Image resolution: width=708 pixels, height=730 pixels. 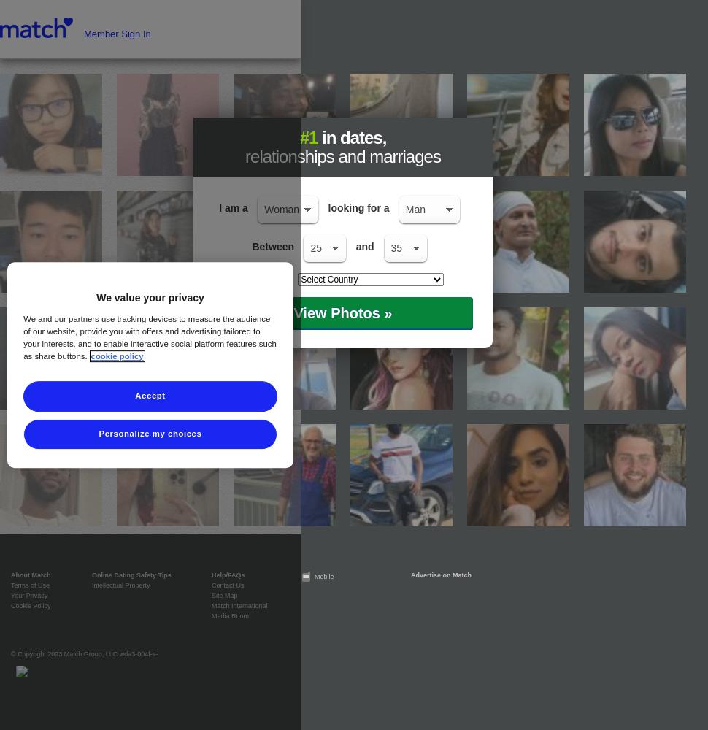 I want to click on 'About Match', so click(x=31, y=575).